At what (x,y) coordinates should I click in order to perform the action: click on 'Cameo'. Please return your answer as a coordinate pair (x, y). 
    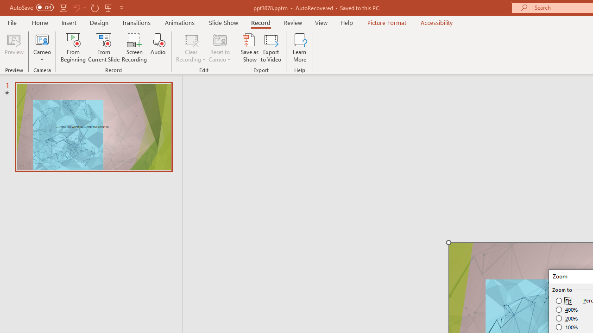
    Looking at the image, I should click on (42, 48).